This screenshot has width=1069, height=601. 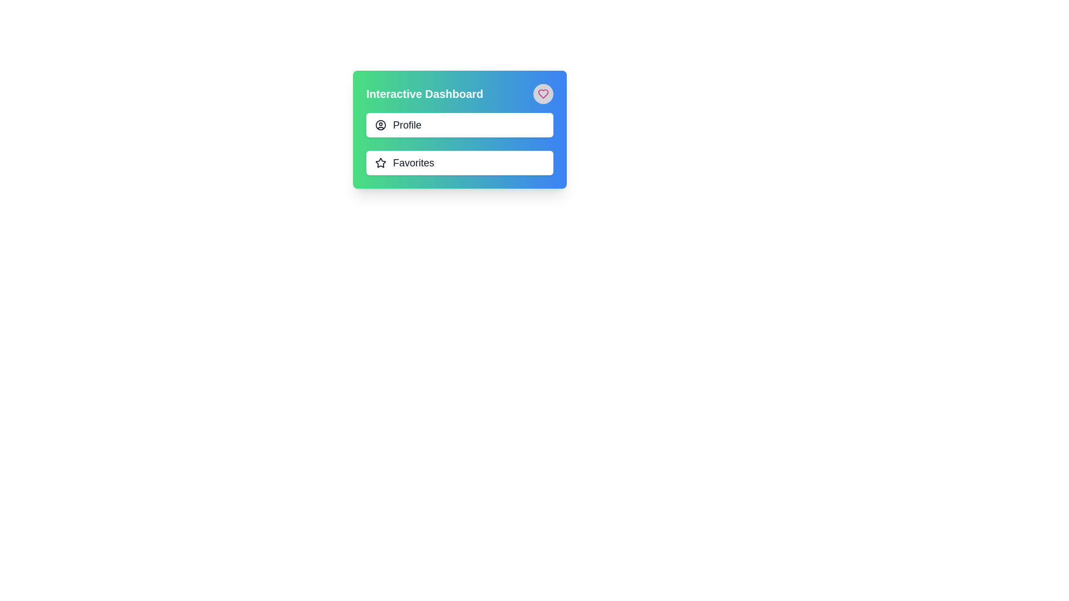 What do you see at coordinates (413, 163) in the screenshot?
I see `the 'Favorites' text label which is positioned adjacent to a star icon, serving as a descriptive label for the second menu option` at bounding box center [413, 163].